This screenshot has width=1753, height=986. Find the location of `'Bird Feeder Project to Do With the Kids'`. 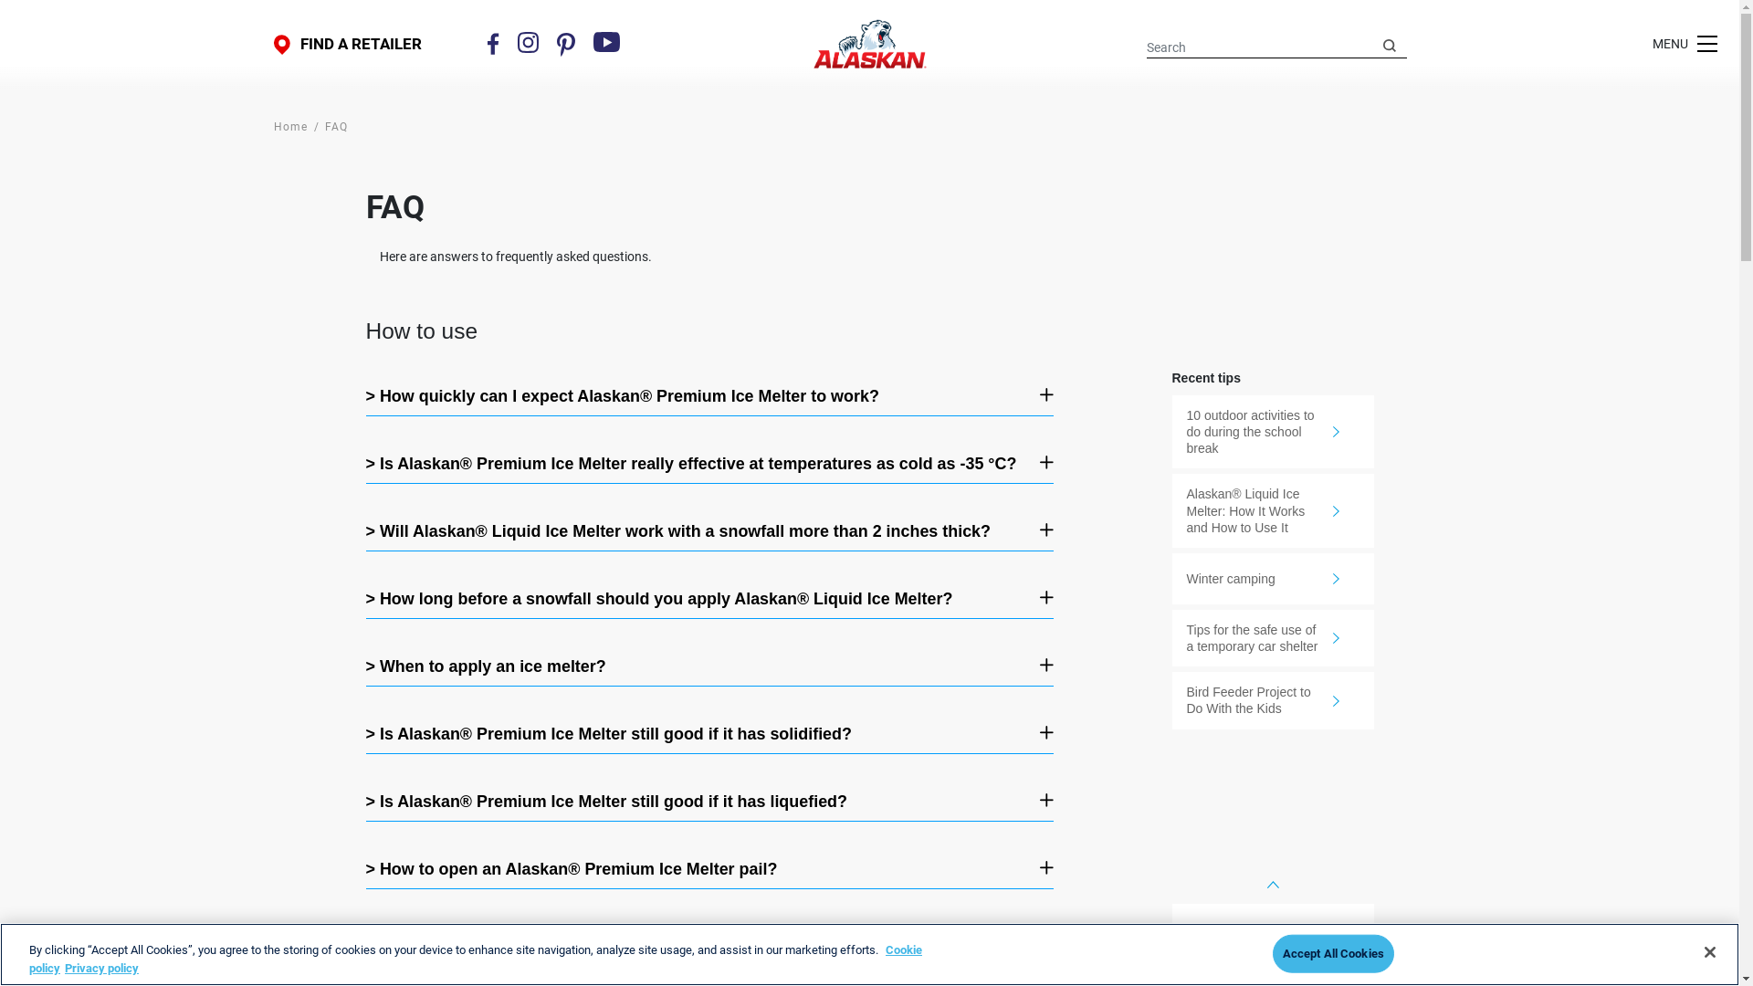

'Bird Feeder Project to Do With the Kids' is located at coordinates (1171, 699).